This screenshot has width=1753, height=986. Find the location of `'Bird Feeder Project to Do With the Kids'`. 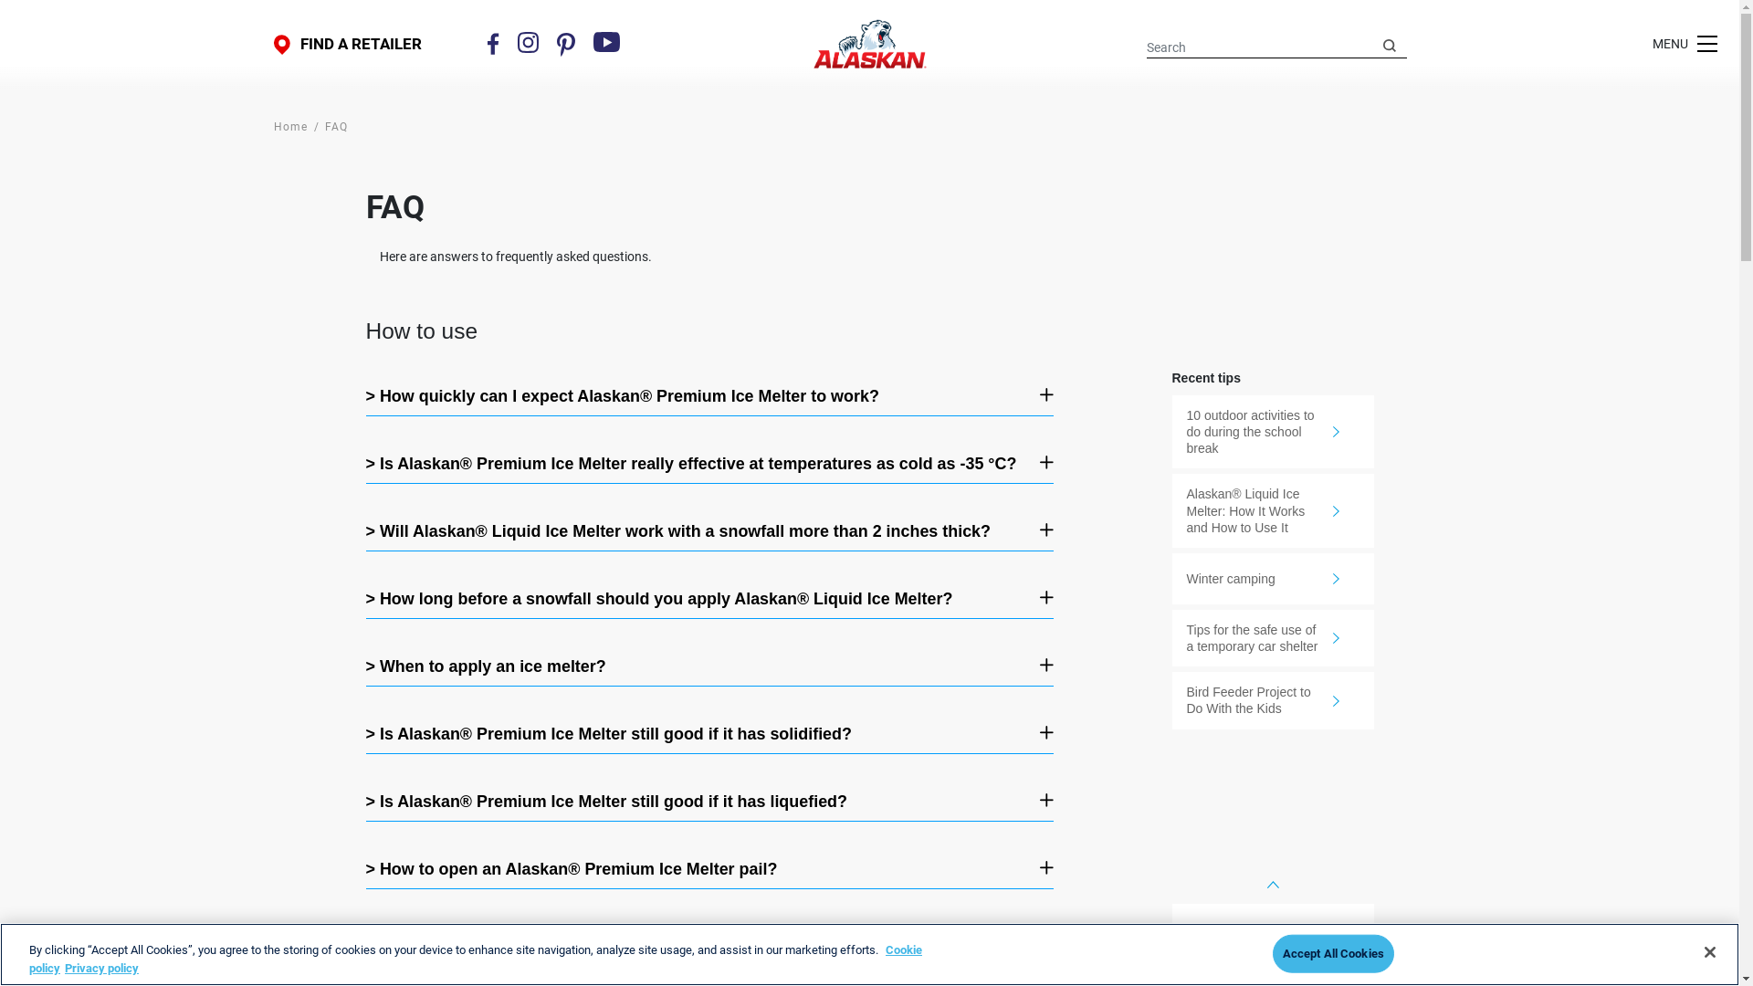

'Bird Feeder Project to Do With the Kids' is located at coordinates (1171, 699).